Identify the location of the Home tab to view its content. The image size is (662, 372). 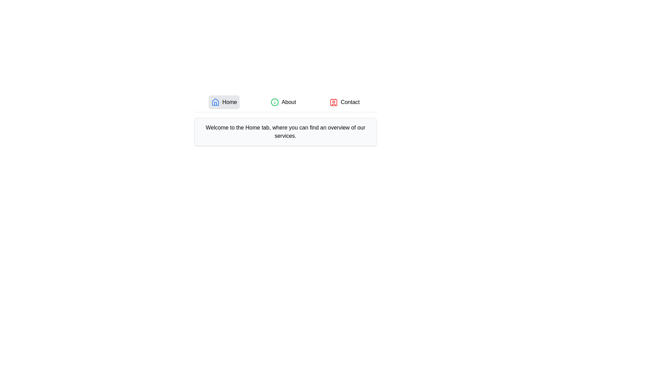
(224, 102).